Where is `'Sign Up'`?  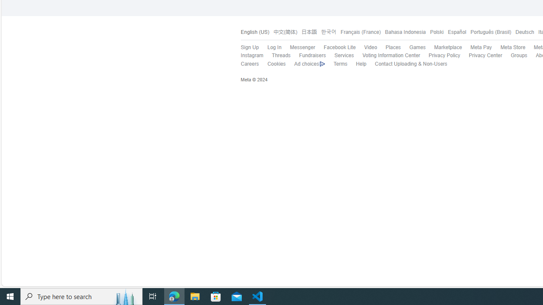
'Sign Up' is located at coordinates (249, 47).